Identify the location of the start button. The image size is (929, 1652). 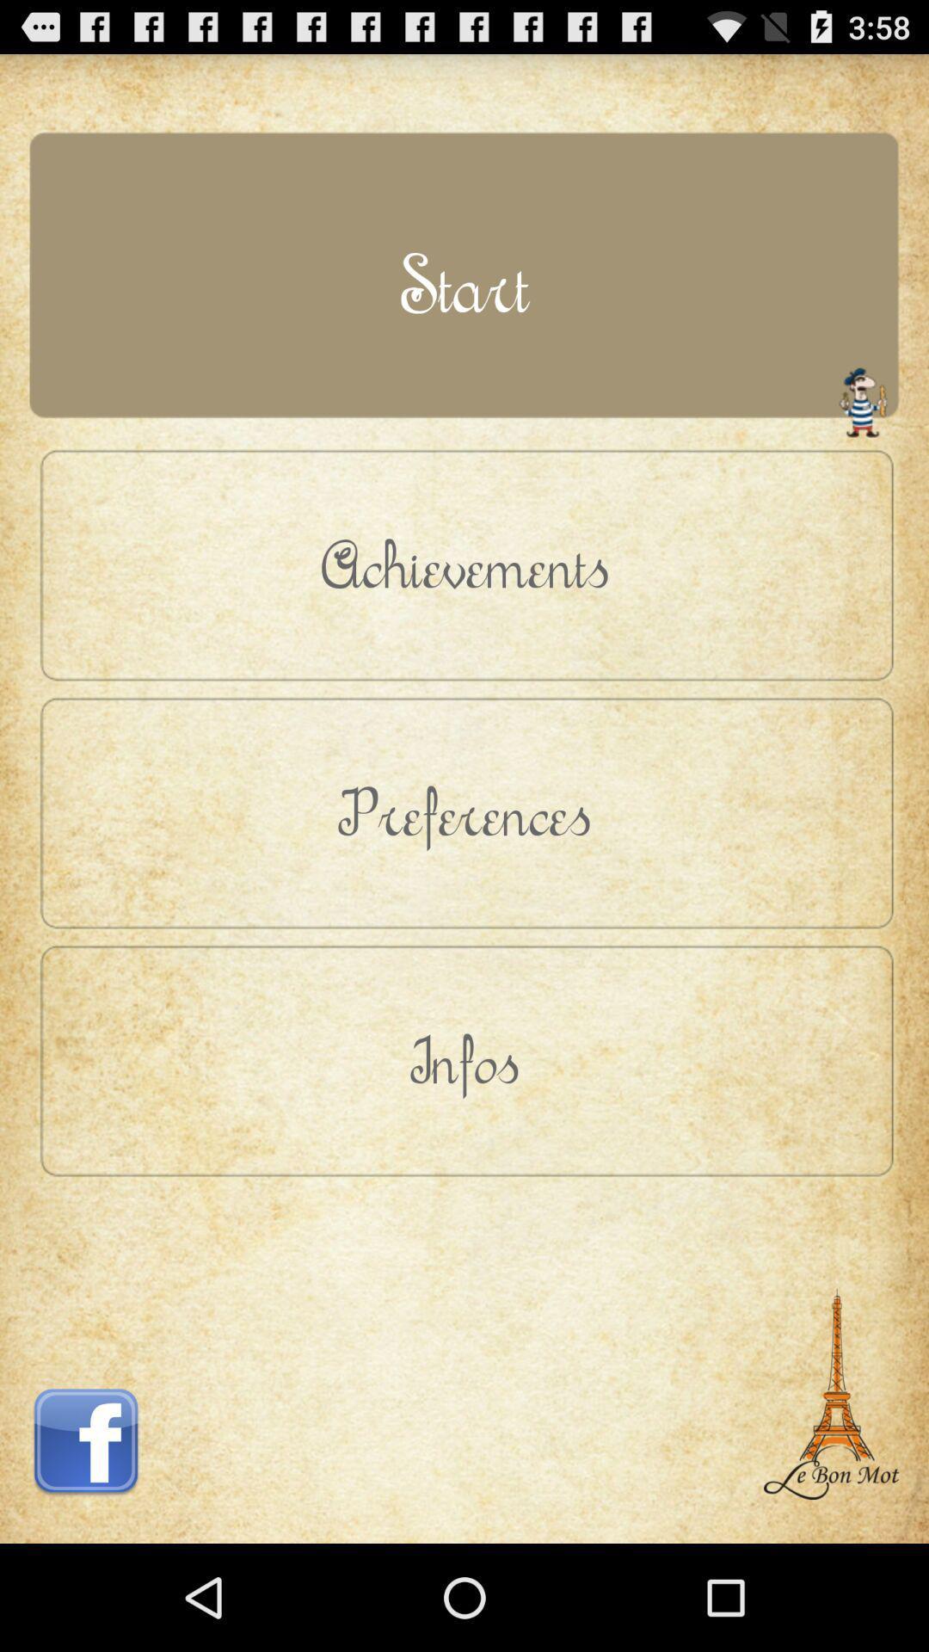
(464, 284).